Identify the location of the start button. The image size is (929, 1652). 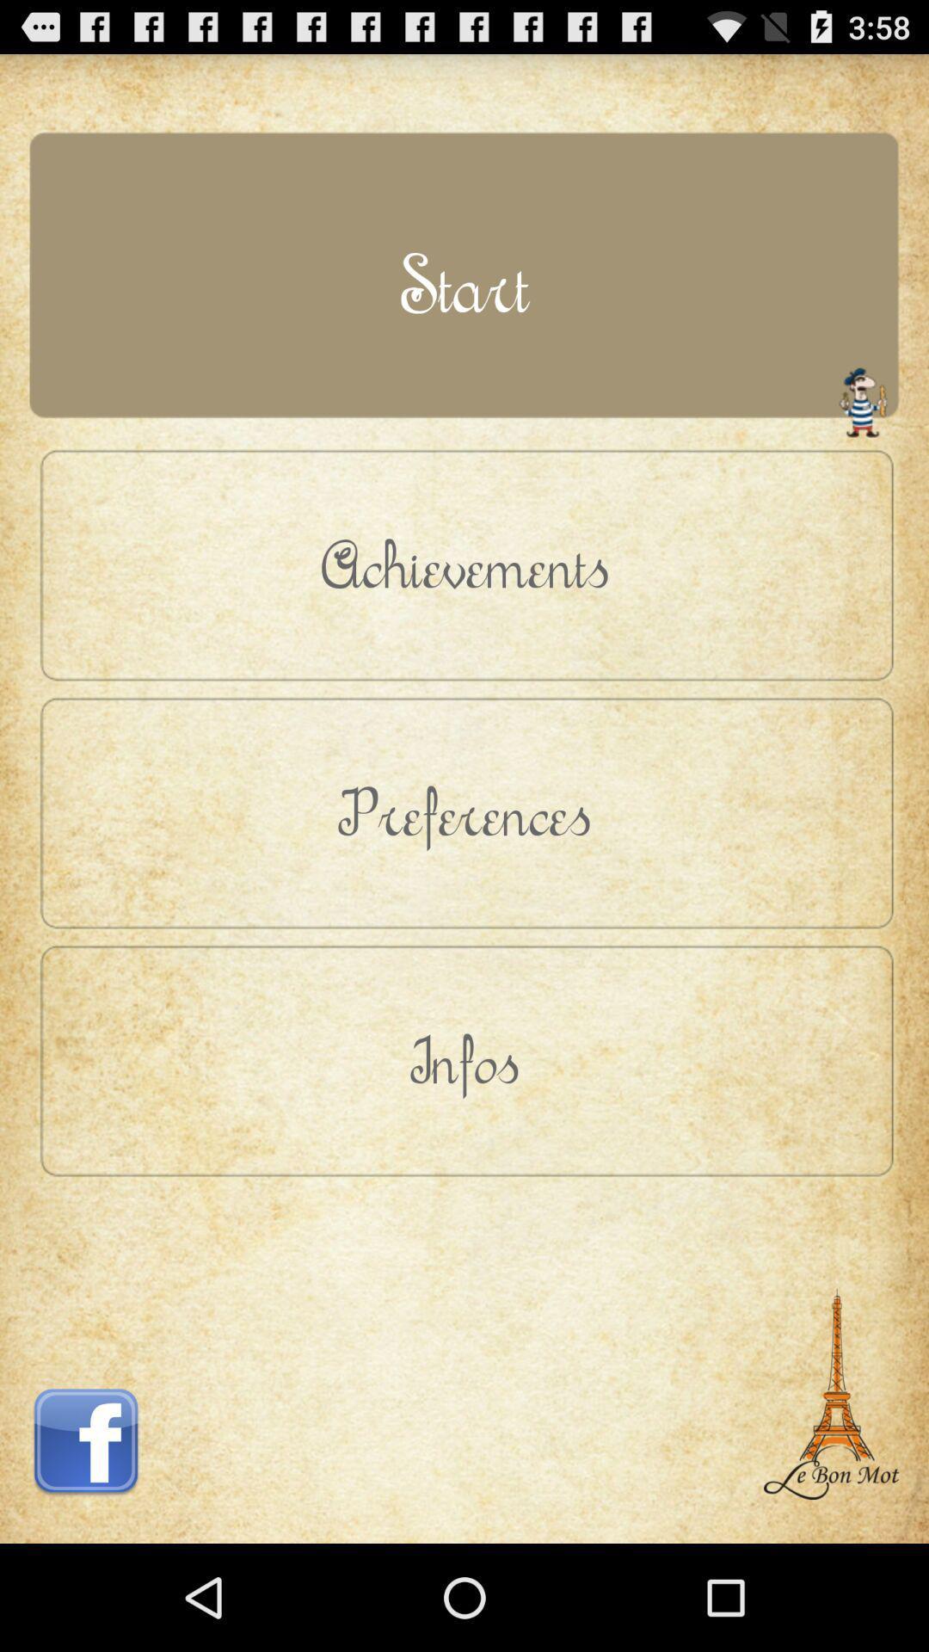
(464, 284).